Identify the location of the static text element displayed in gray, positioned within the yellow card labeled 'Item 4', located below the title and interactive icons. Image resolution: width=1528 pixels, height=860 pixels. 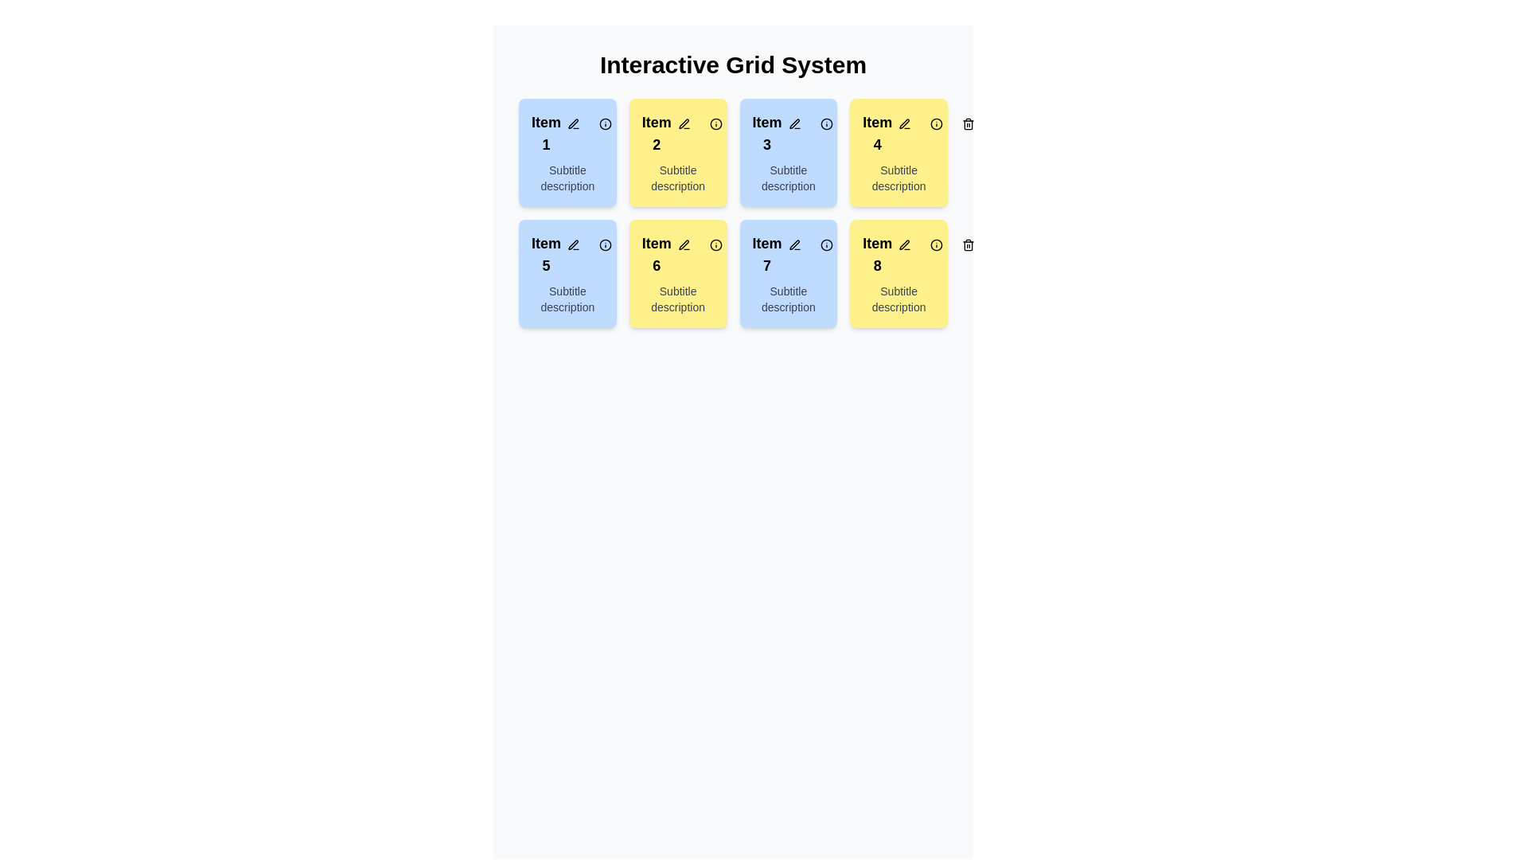
(898, 178).